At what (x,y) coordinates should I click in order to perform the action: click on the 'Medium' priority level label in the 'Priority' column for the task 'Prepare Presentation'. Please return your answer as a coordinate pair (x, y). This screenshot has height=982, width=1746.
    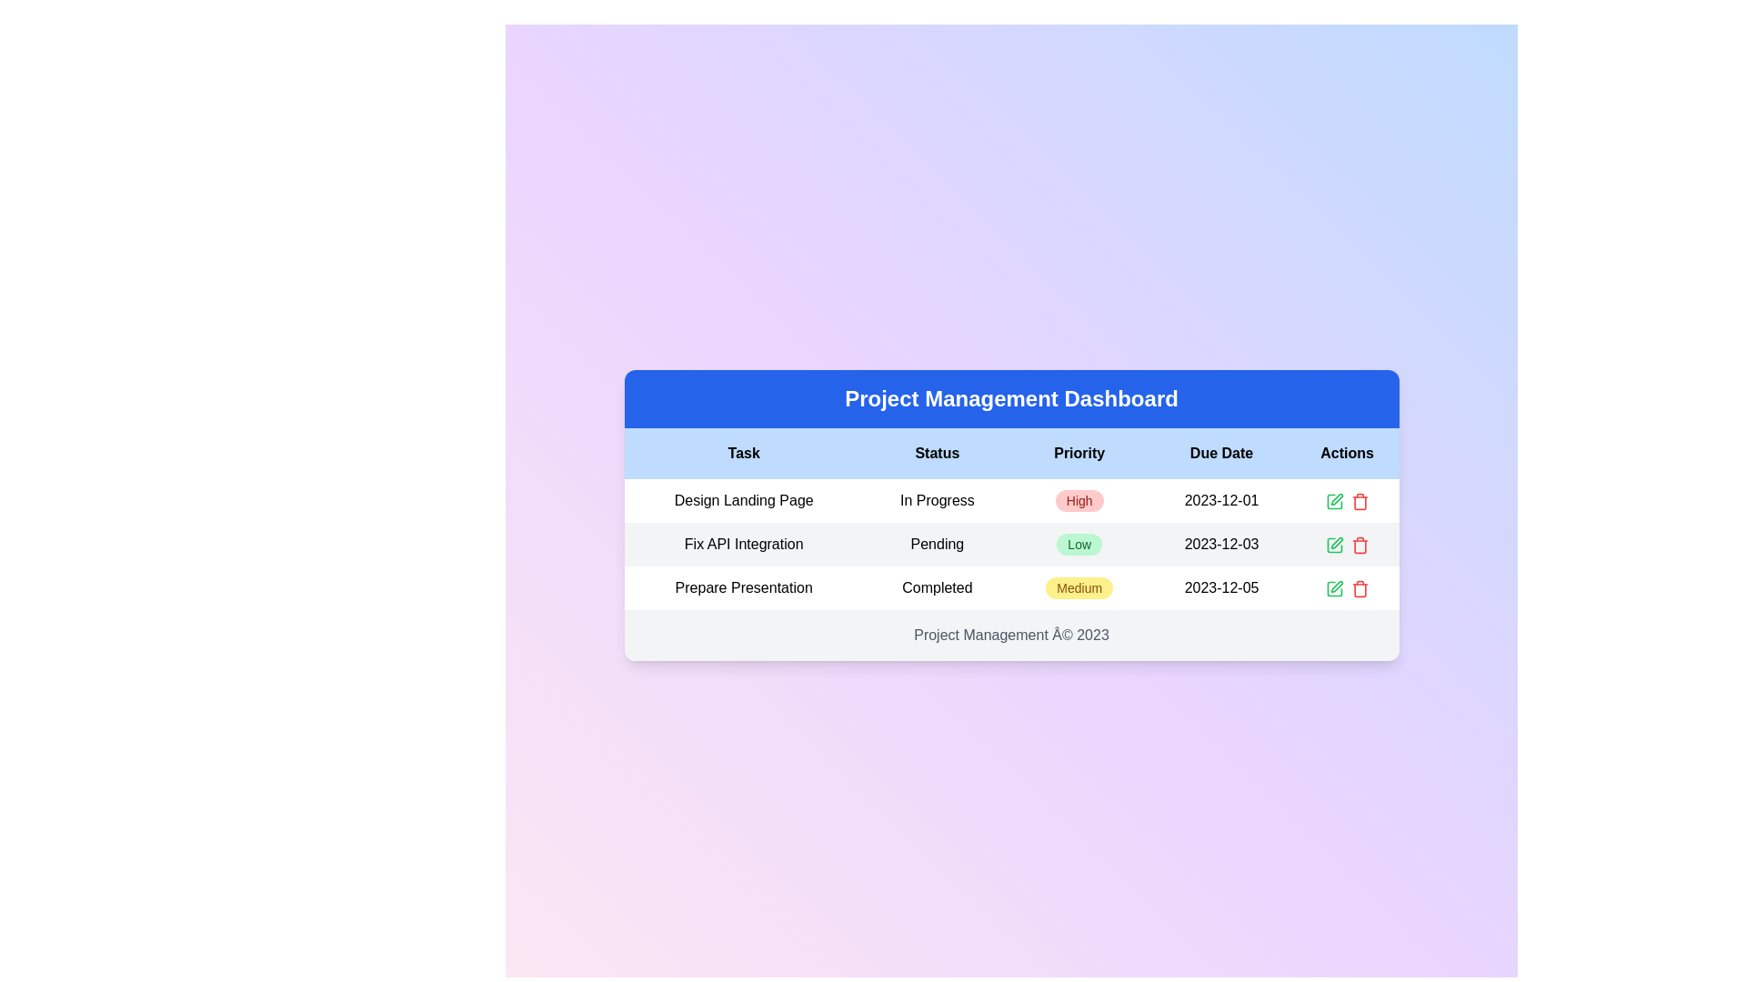
    Looking at the image, I should click on (1079, 588).